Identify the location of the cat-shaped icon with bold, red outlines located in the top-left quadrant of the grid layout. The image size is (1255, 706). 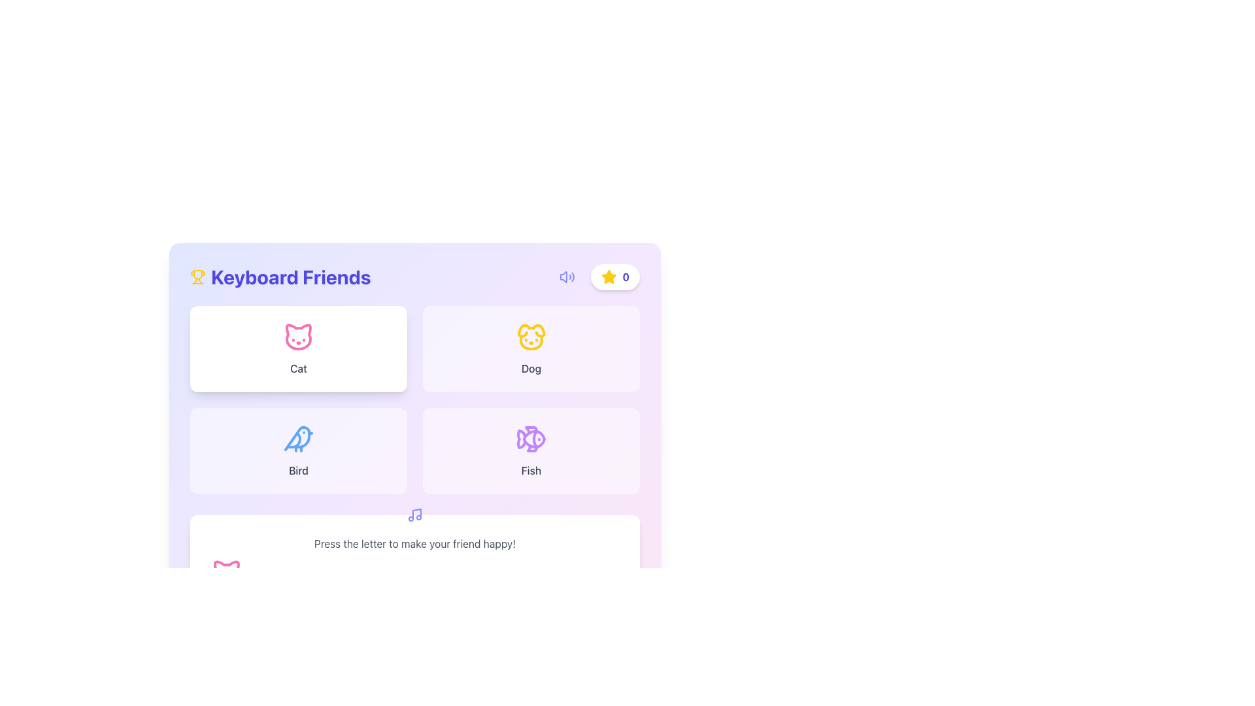
(297, 336).